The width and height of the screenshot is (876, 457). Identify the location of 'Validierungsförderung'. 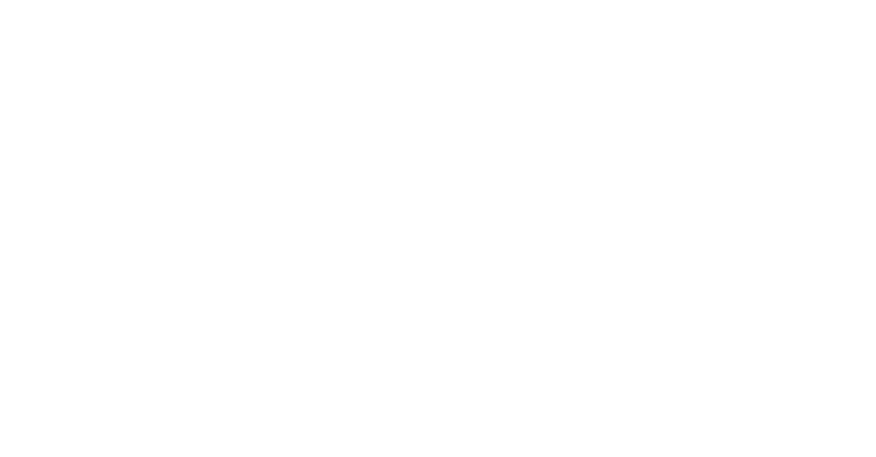
(40, 375).